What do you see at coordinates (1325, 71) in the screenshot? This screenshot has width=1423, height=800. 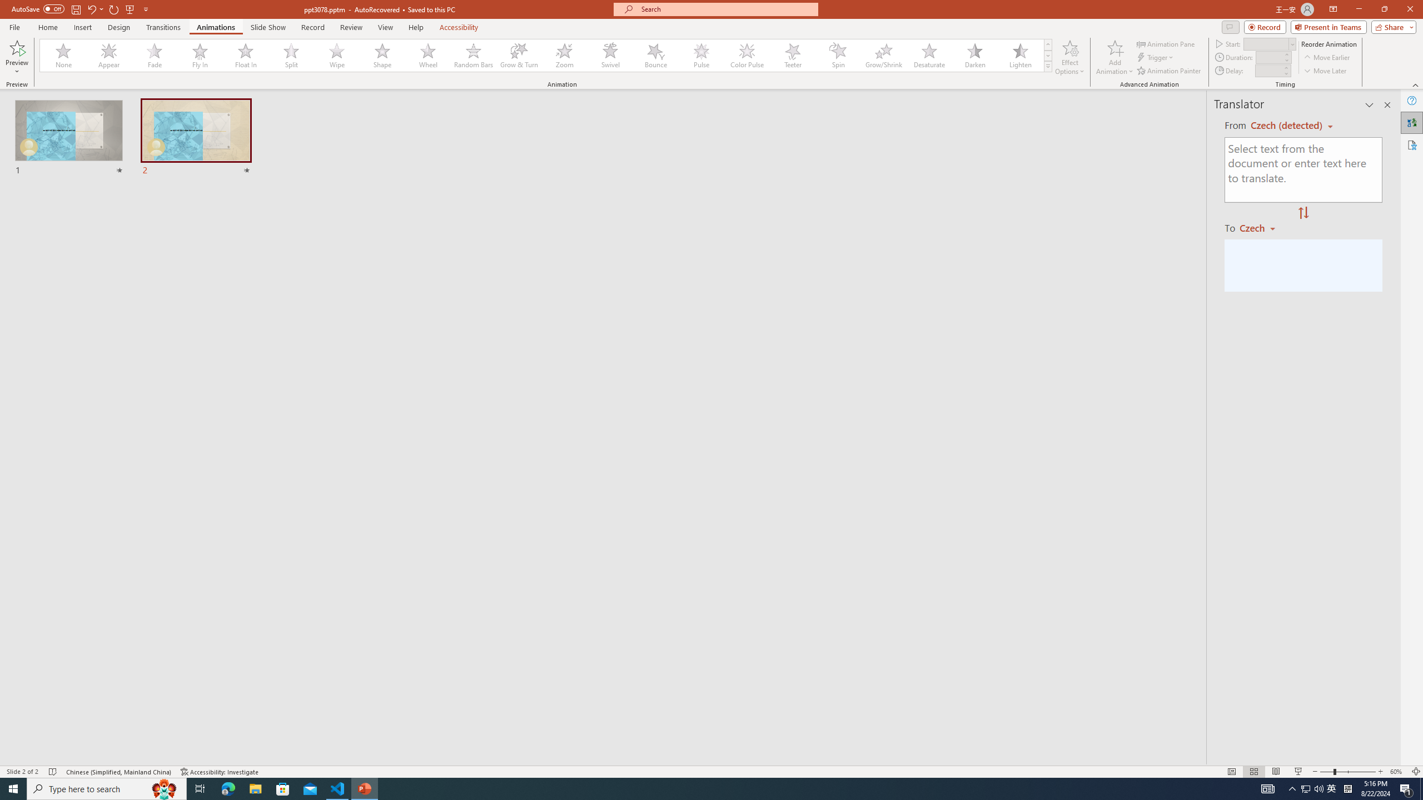 I see `'Move Later'` at bounding box center [1325, 71].